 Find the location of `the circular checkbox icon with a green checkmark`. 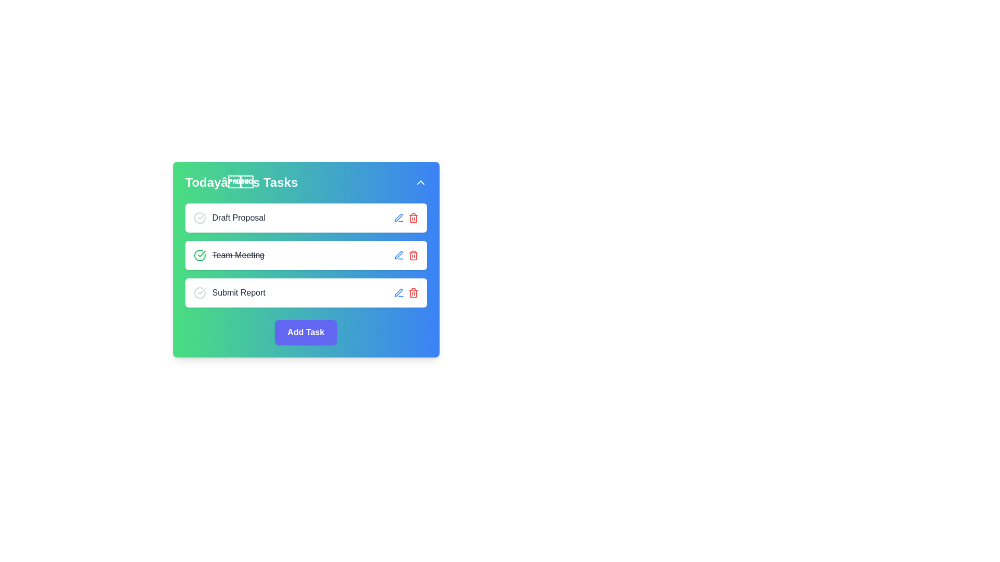

the circular checkbox icon with a green checkmark is located at coordinates (199, 255).